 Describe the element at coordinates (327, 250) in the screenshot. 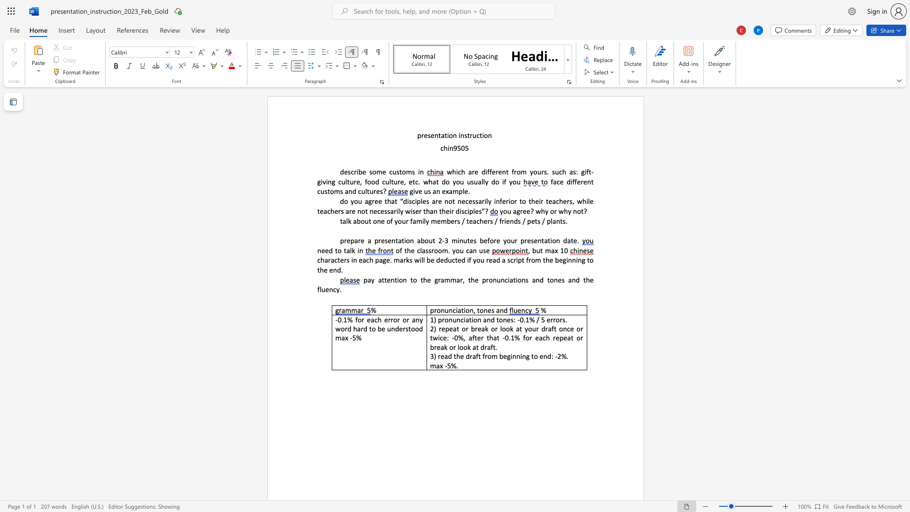

I see `the 2th character "e" in the text` at that location.